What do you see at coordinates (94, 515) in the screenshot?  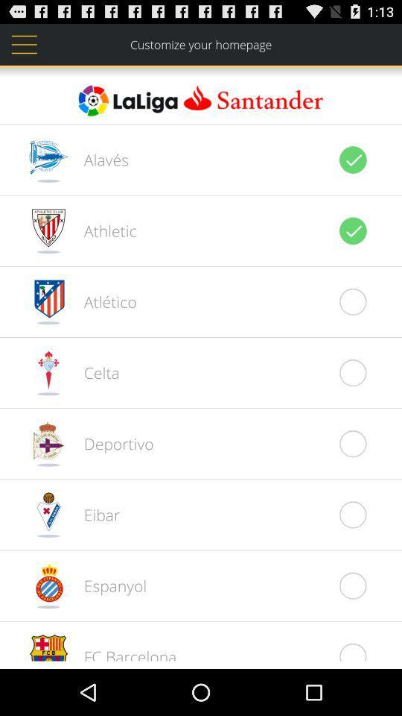 I see `the eibar item` at bounding box center [94, 515].